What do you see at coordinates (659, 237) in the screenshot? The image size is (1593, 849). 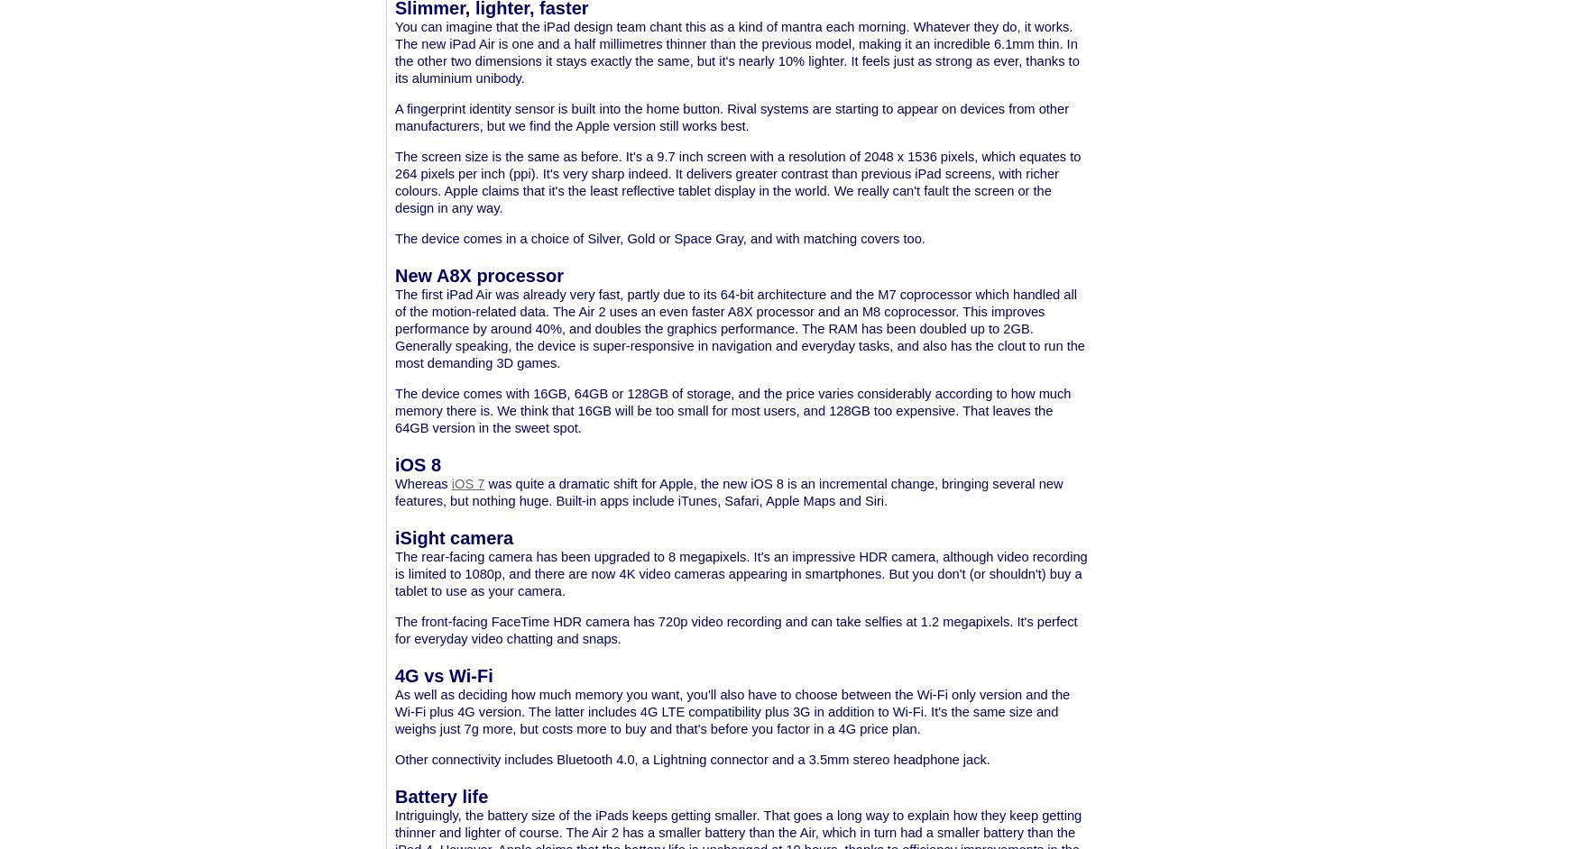 I see `'The device comes in a choice of Silver, Gold or Space Gray, and with matching covers too.'` at bounding box center [659, 237].